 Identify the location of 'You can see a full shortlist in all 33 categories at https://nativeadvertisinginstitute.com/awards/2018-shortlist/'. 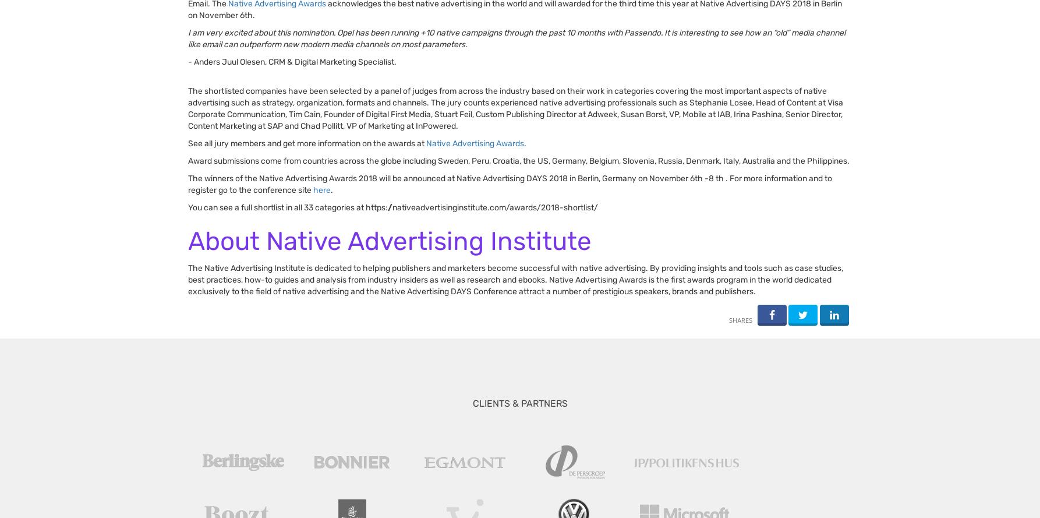
(394, 207).